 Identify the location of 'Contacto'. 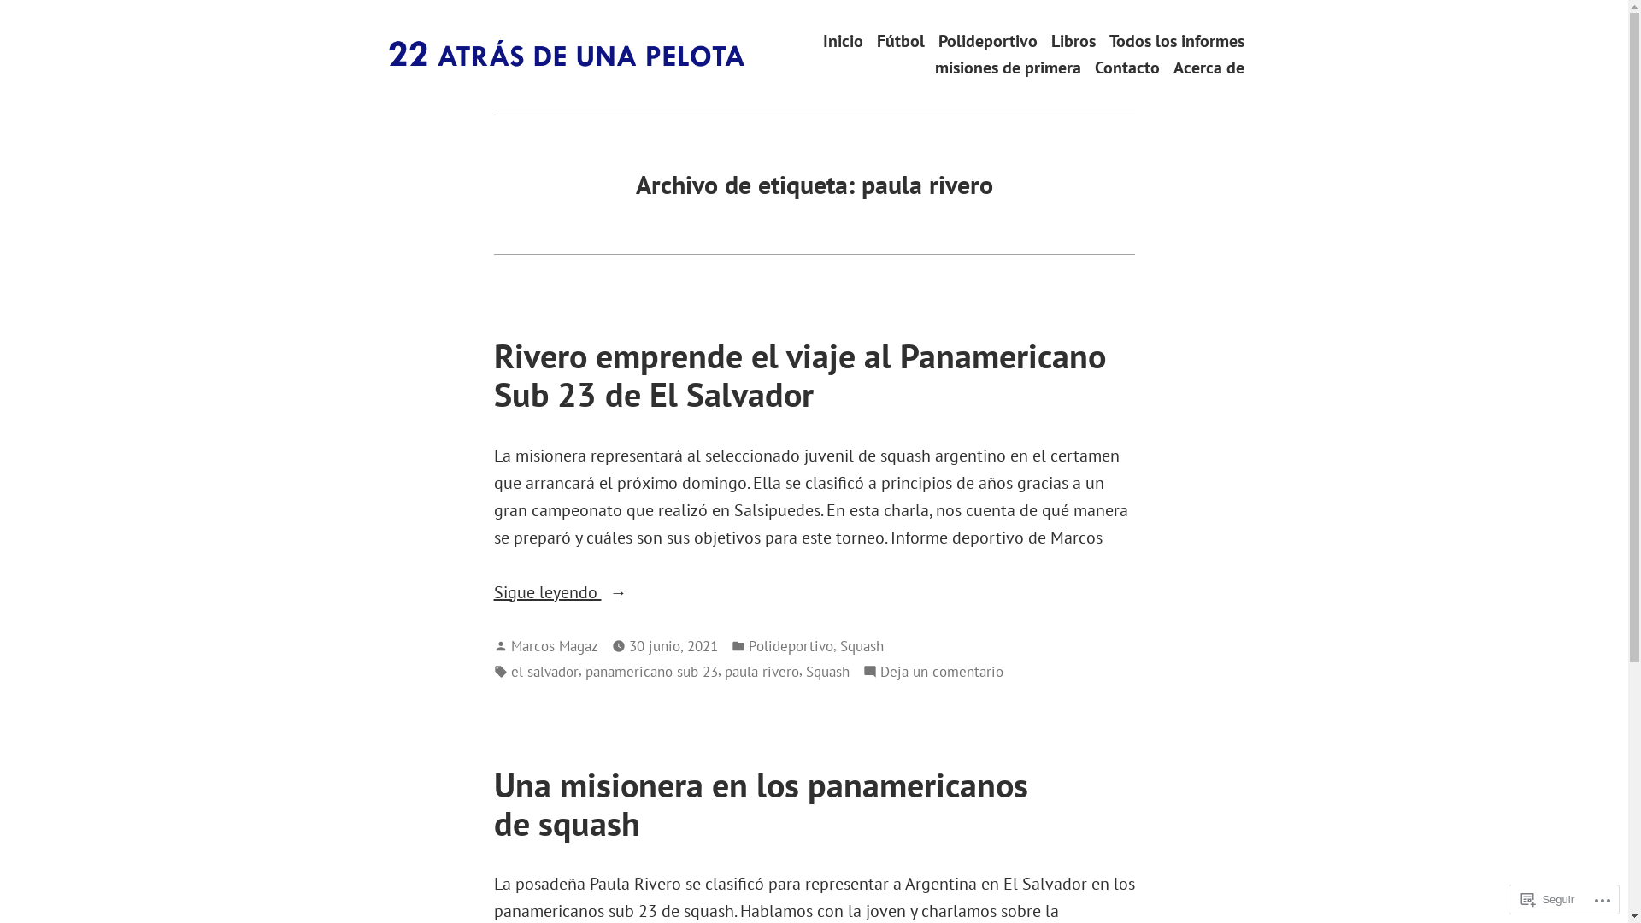
(1094, 67).